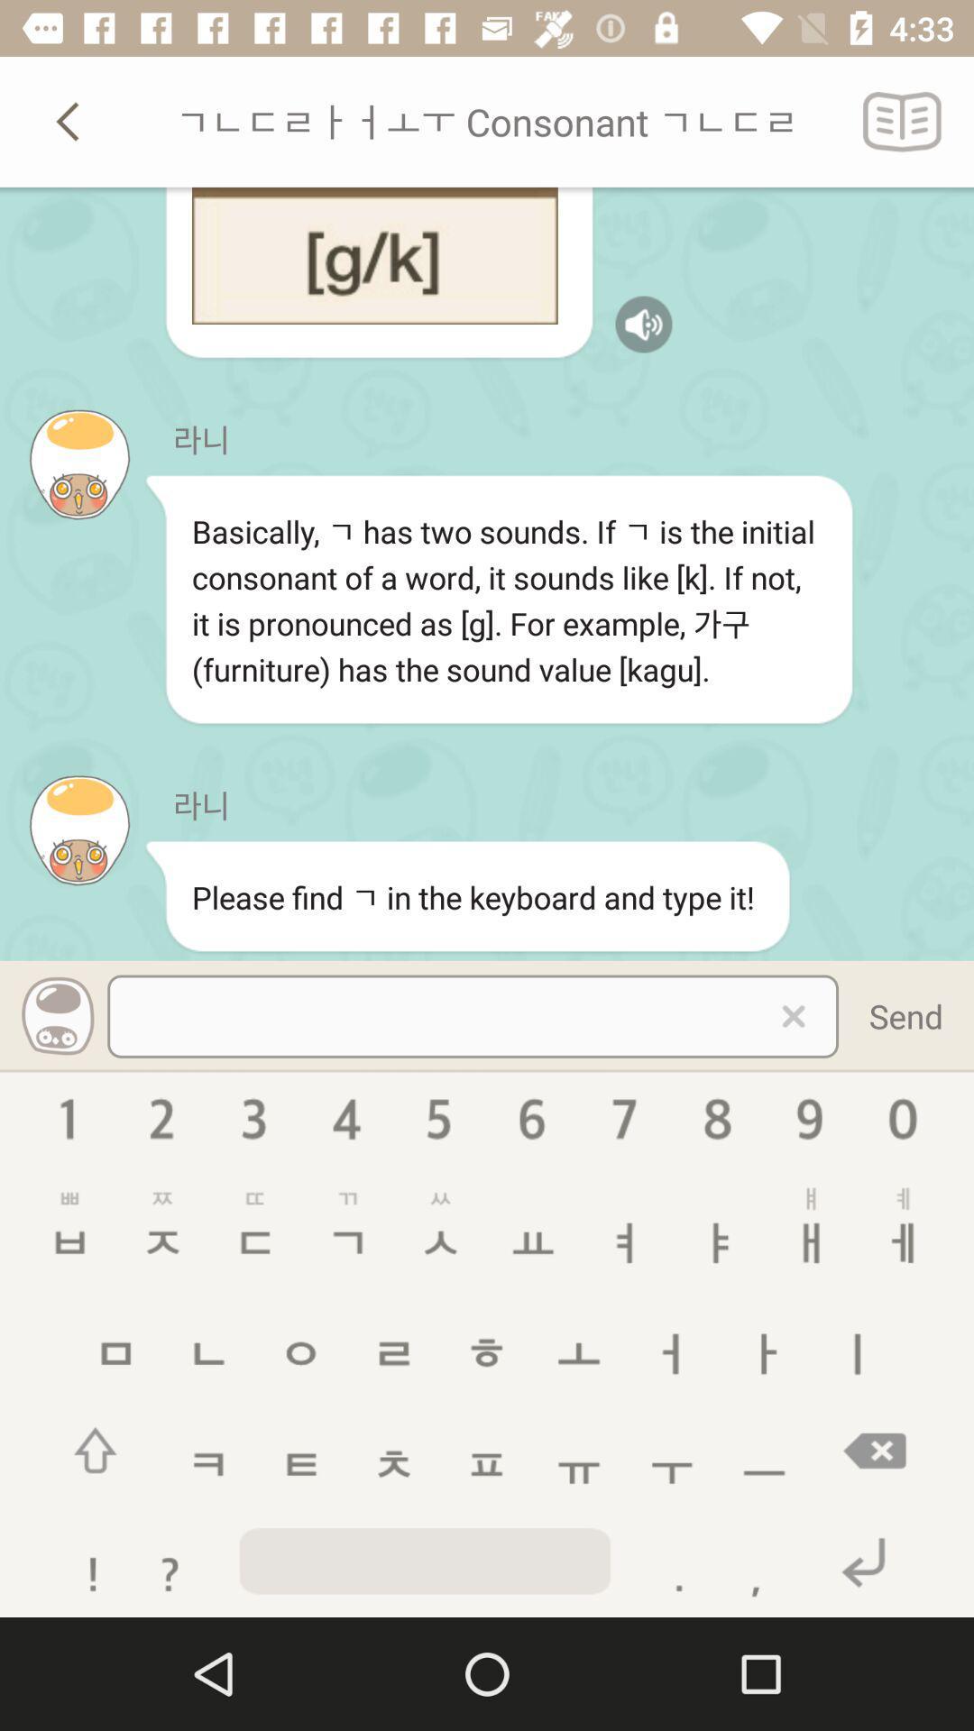 The height and width of the screenshot is (1731, 974). What do you see at coordinates (904, 1228) in the screenshot?
I see `the sliders icon` at bounding box center [904, 1228].